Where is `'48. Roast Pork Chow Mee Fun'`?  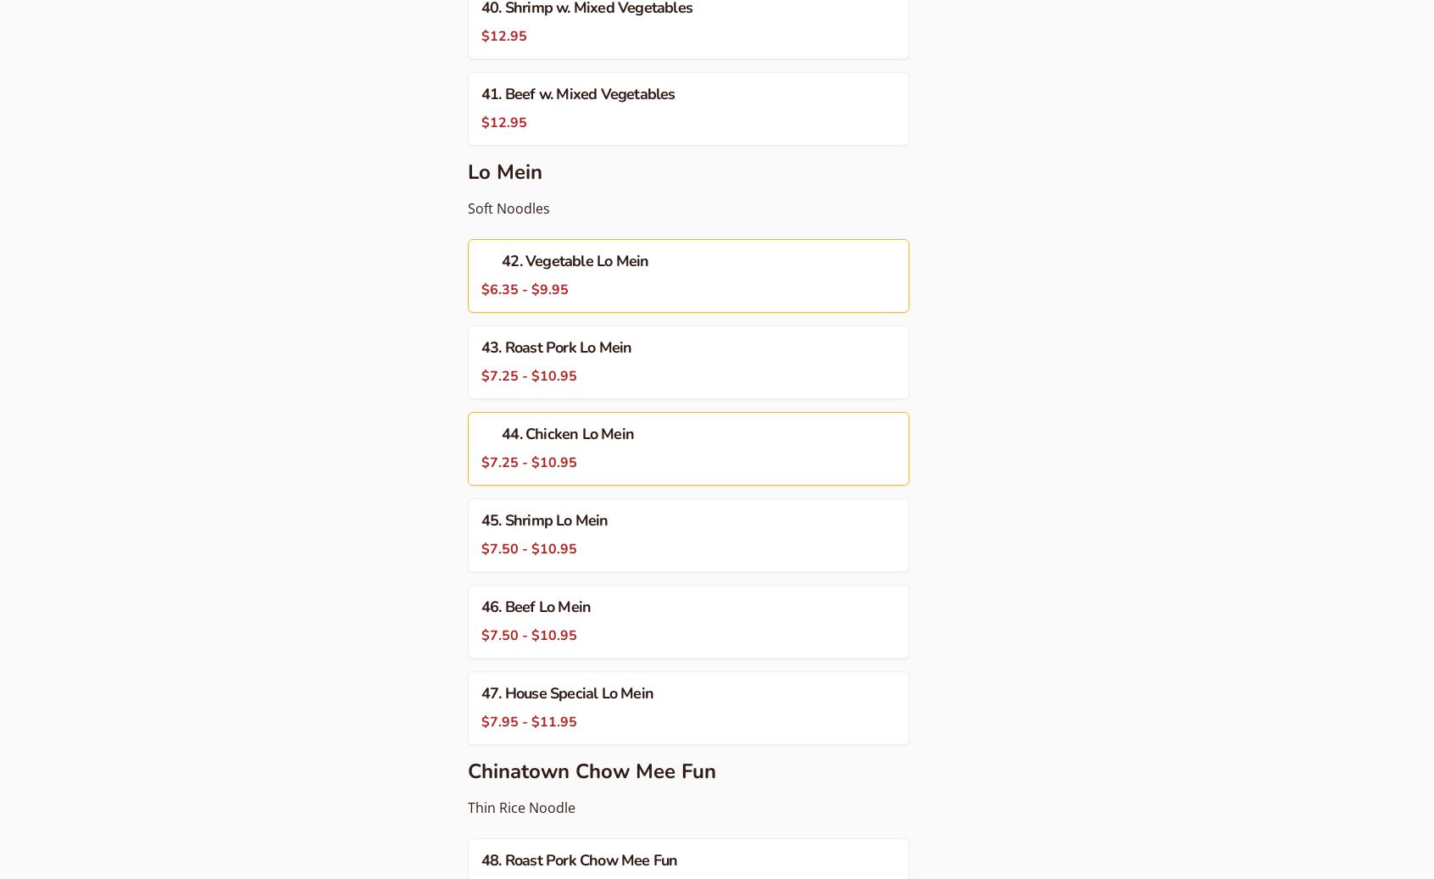
'48. Roast Pork Chow Mee Fun' is located at coordinates (579, 860).